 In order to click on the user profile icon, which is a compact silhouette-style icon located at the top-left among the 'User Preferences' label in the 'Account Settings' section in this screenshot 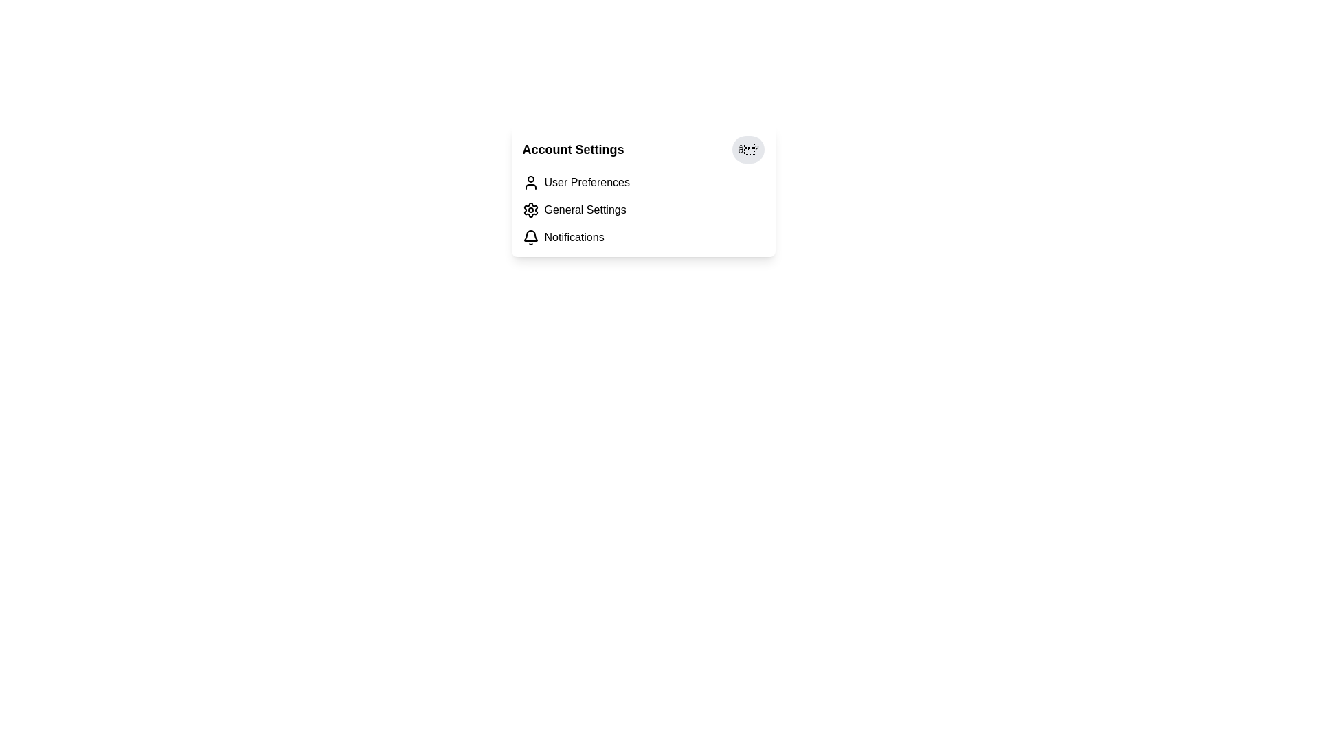, I will do `click(530, 182)`.